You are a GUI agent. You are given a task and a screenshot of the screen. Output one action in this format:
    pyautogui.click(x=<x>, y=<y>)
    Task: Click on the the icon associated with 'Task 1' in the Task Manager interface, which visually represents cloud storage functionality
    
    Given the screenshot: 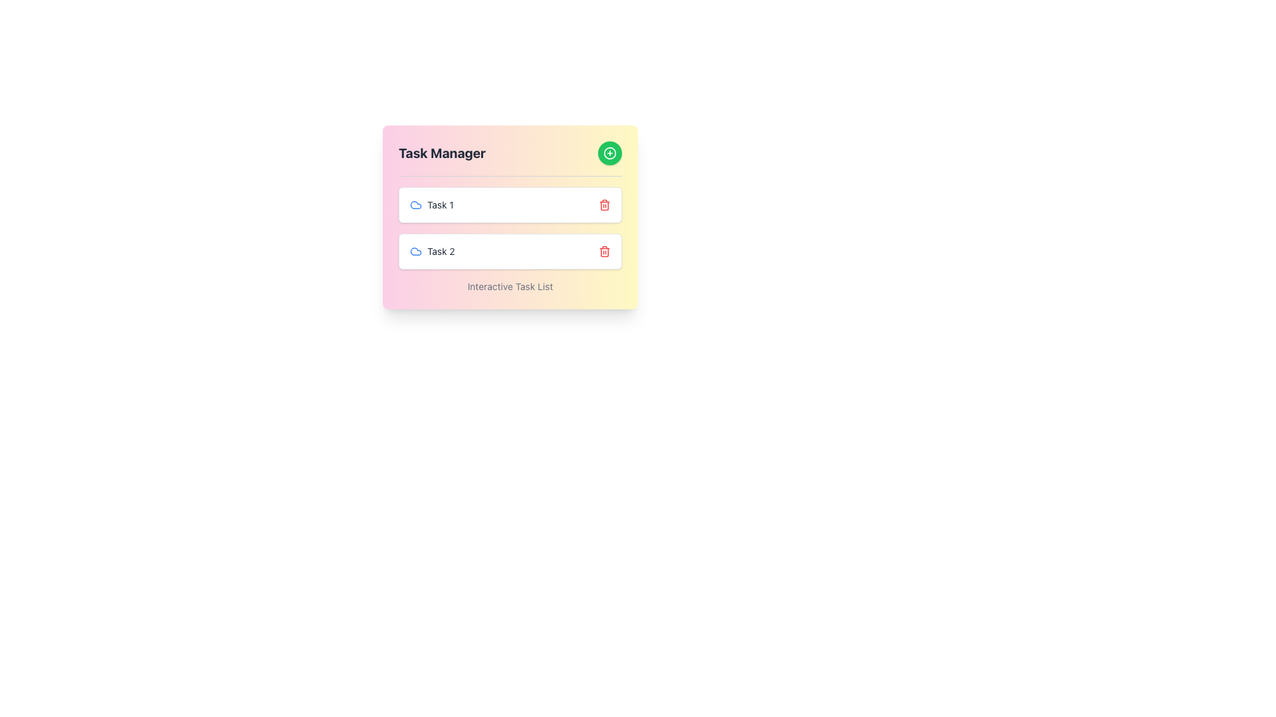 What is the action you would take?
    pyautogui.click(x=415, y=251)
    